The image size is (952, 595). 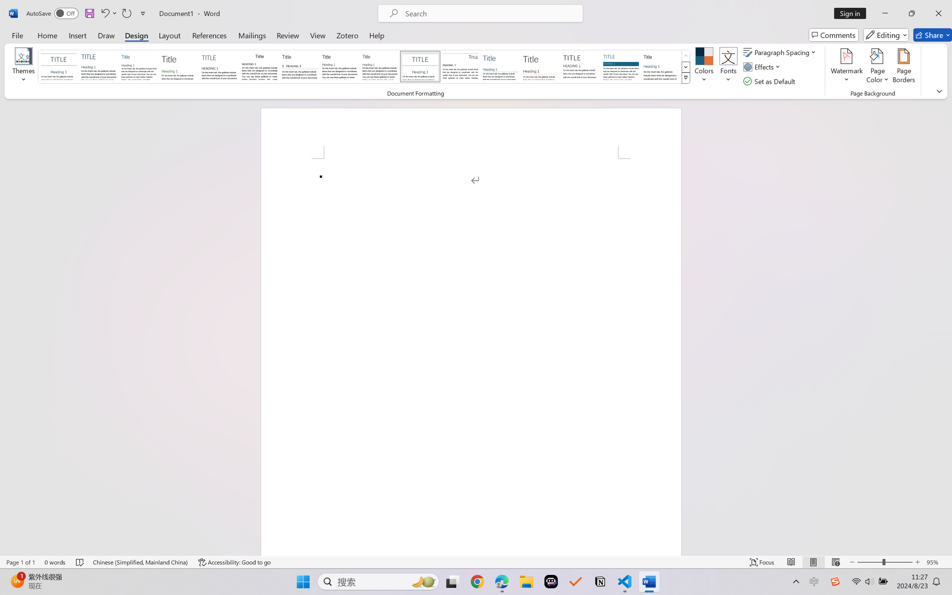 I want to click on 'Editing', so click(x=886, y=35).